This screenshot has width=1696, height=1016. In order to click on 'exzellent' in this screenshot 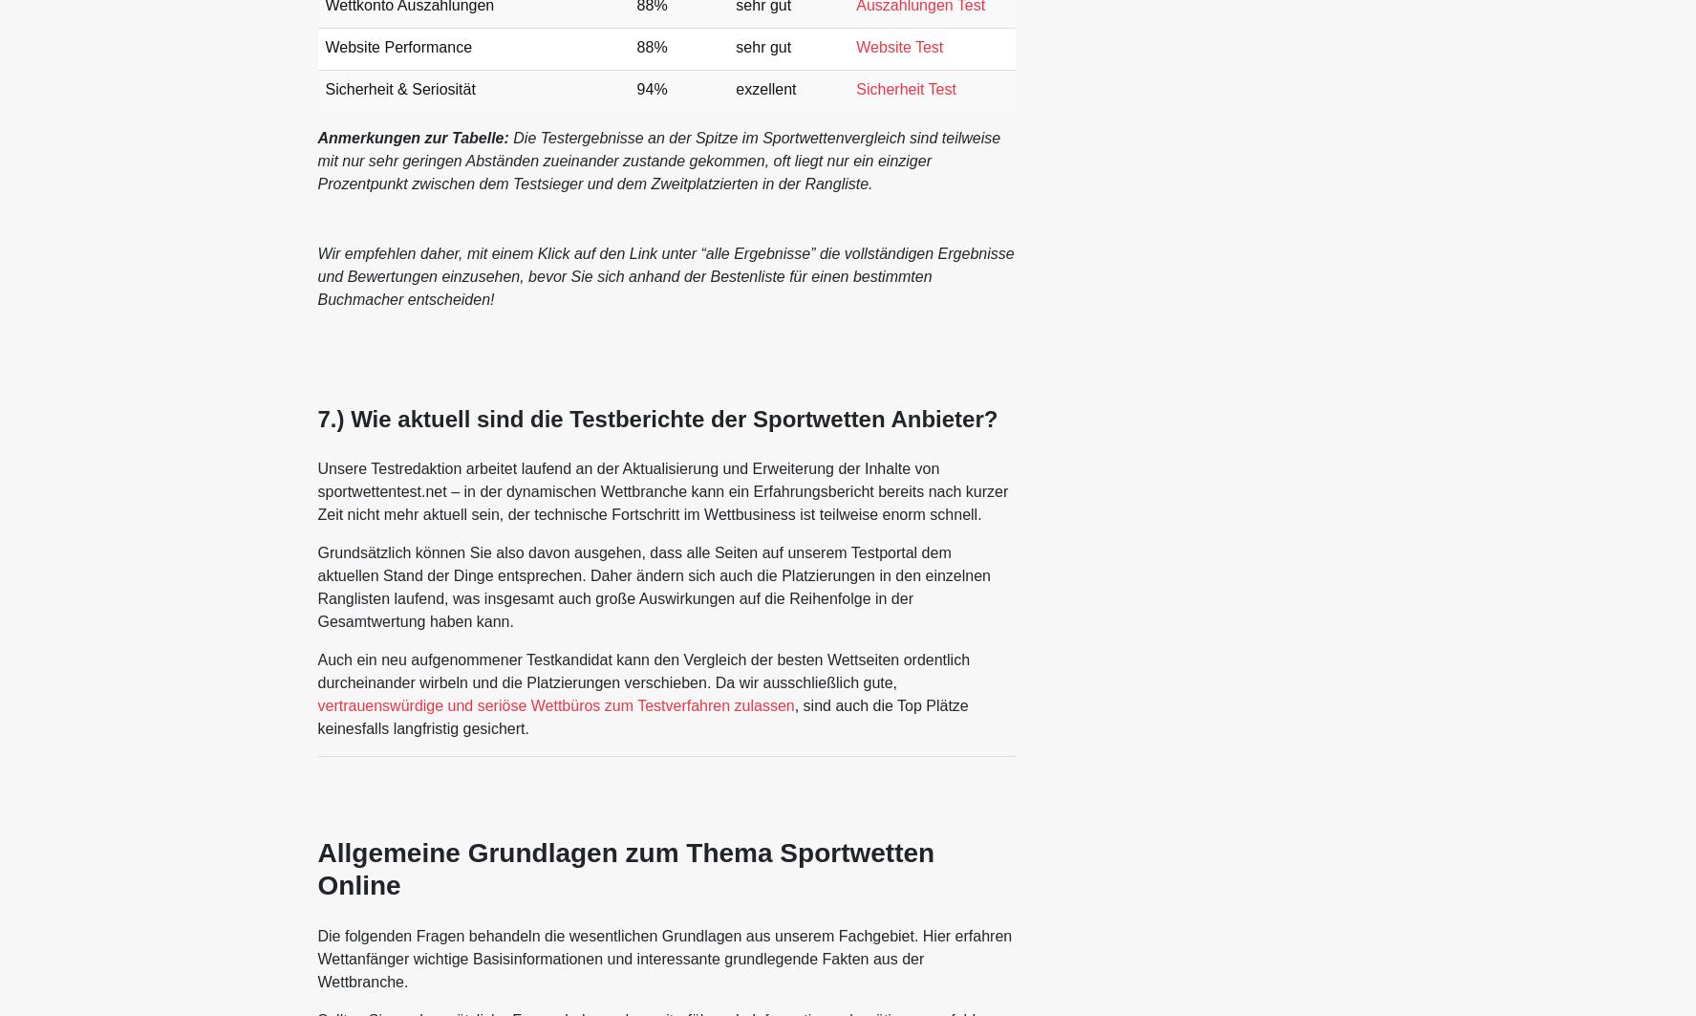, I will do `click(735, 89)`.